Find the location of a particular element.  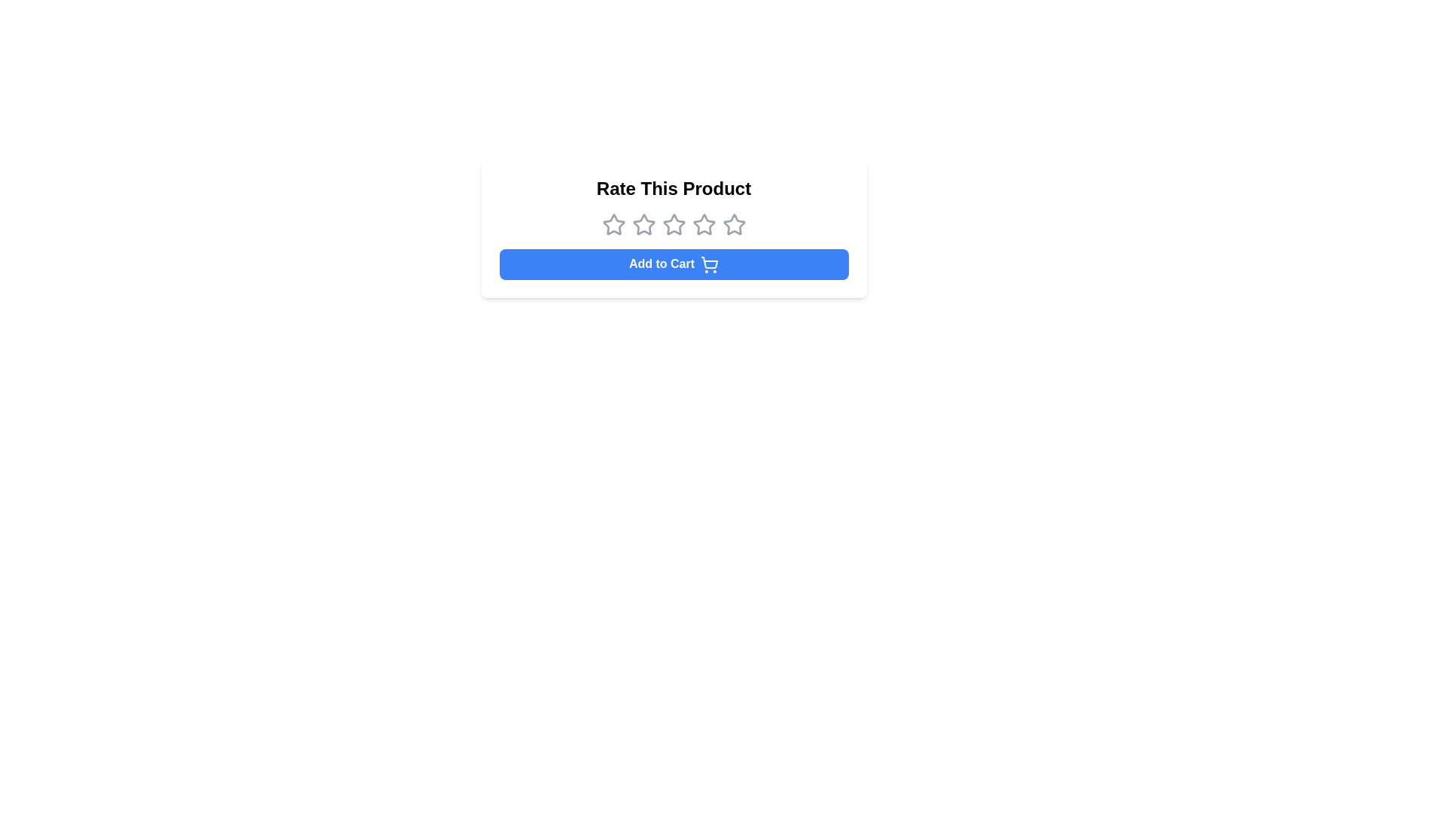

the fourth star icon in the rating row is located at coordinates (703, 225).